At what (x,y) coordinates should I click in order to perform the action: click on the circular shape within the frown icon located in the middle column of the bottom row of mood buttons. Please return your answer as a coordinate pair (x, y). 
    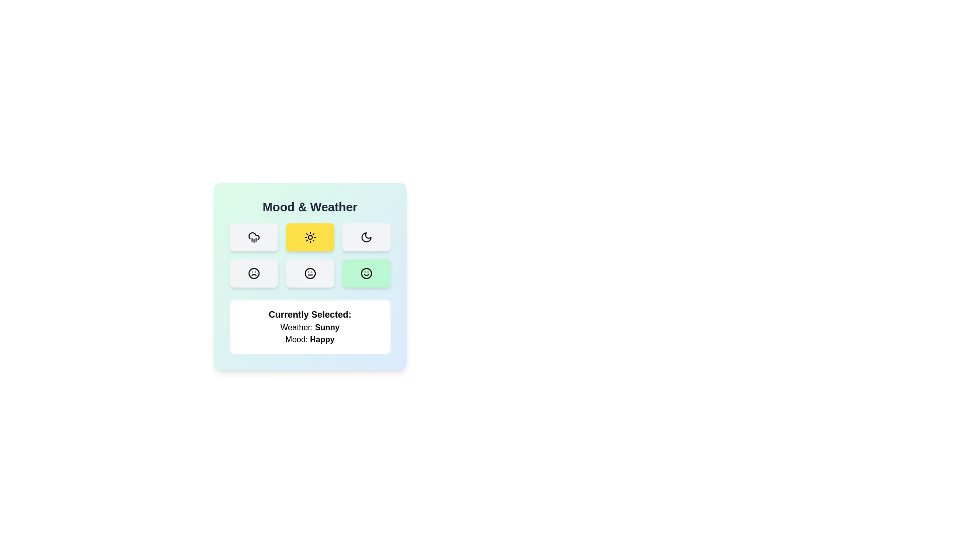
    Looking at the image, I should click on (254, 273).